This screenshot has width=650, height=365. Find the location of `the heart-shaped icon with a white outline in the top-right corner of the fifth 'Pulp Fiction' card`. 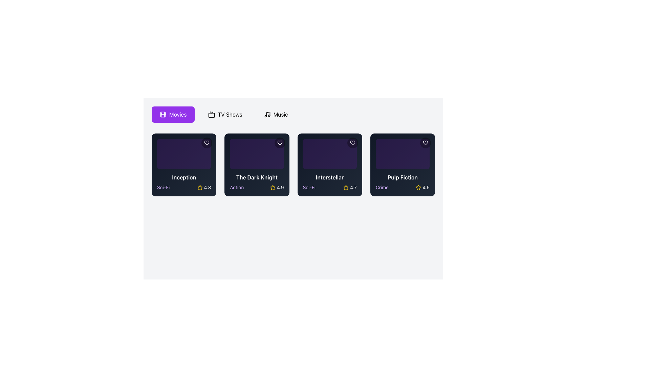

the heart-shaped icon with a white outline in the top-right corner of the fifth 'Pulp Fiction' card is located at coordinates (425, 143).